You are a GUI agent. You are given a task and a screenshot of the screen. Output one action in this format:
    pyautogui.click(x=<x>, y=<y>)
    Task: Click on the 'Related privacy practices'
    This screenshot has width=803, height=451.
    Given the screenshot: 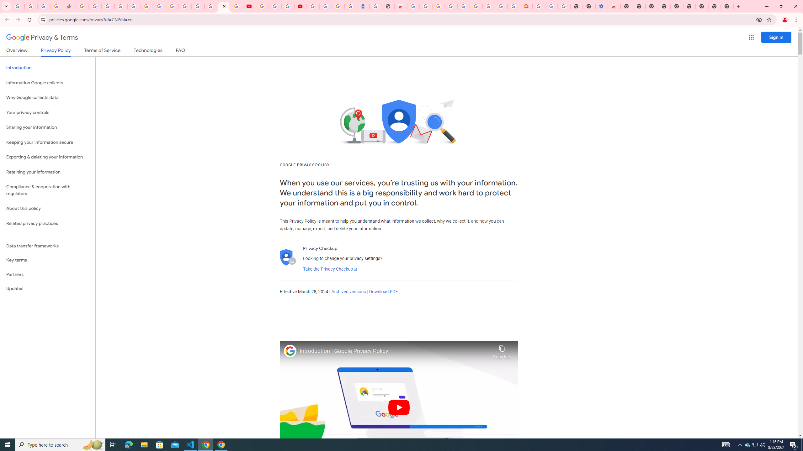 What is the action you would take?
    pyautogui.click(x=47, y=223)
    